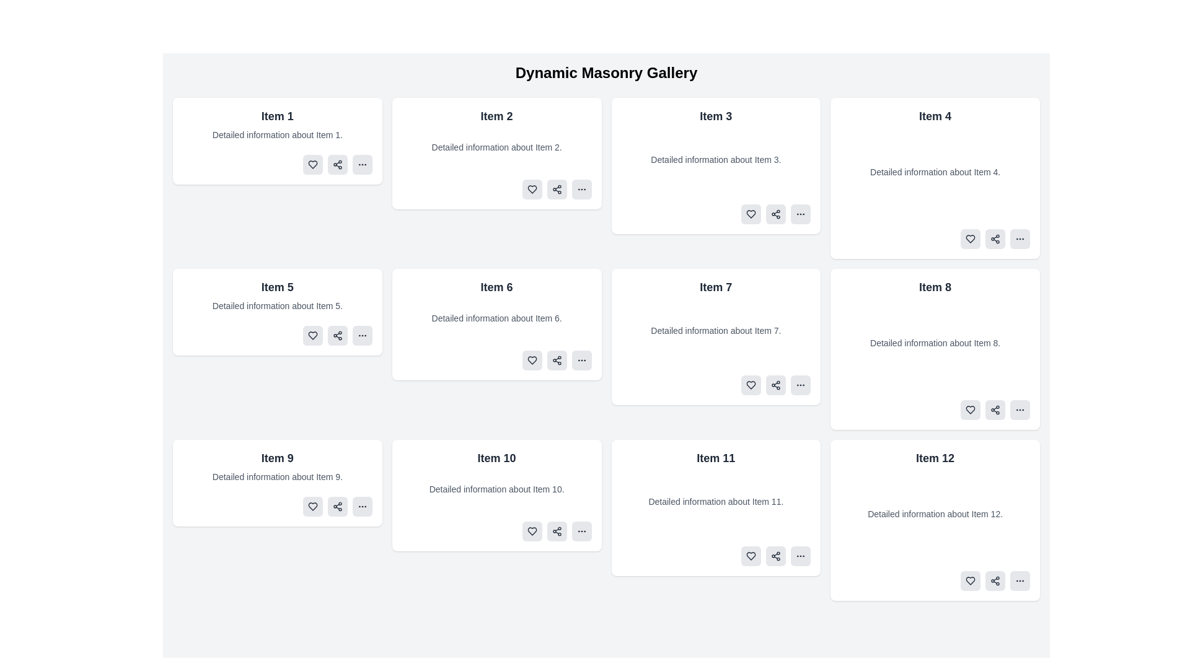  I want to click on the text display element that shows 'Item 9' in a bold, large font size and dark gray color, located in the leftmost column of the bottom row of the grid, so click(276, 458).